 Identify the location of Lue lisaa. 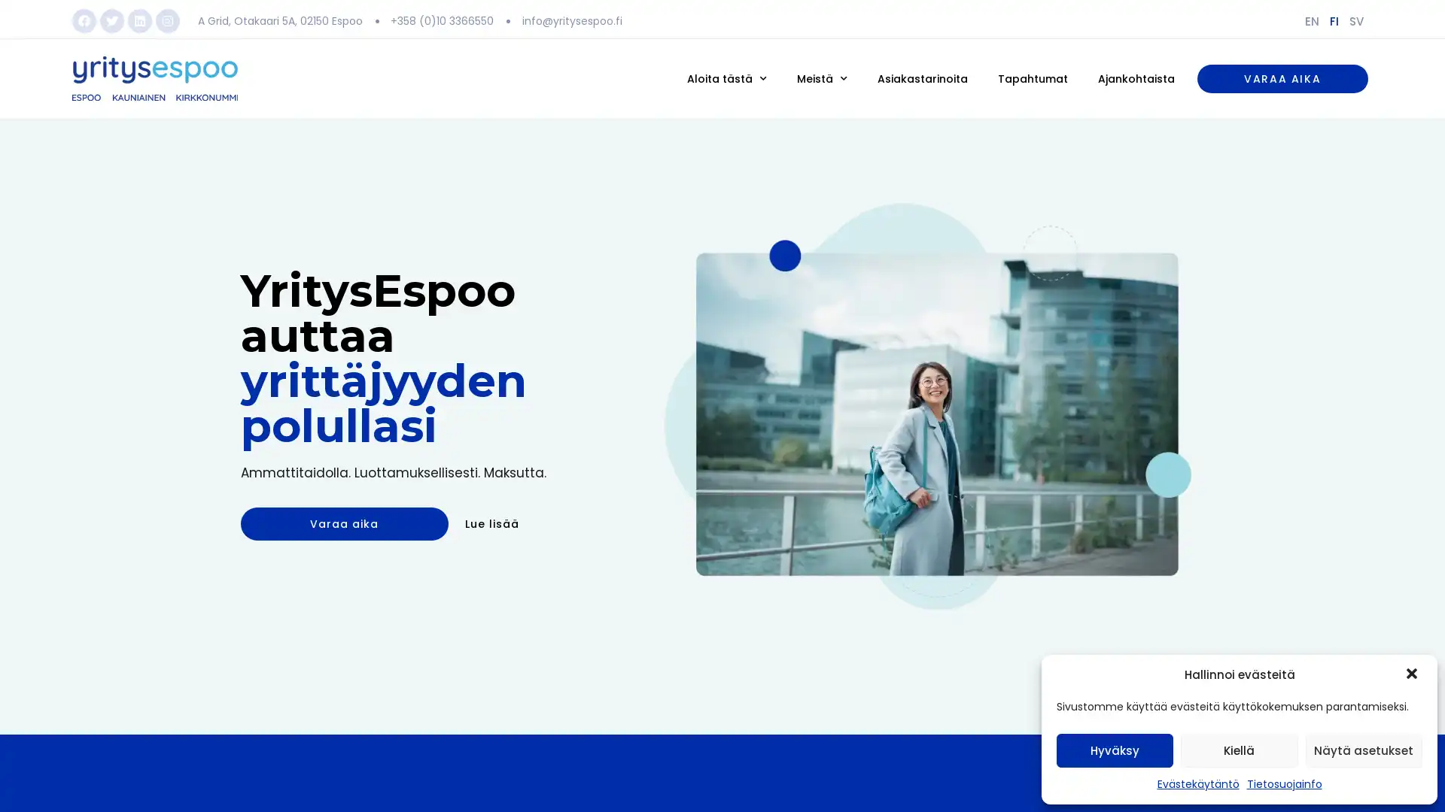
(487, 523).